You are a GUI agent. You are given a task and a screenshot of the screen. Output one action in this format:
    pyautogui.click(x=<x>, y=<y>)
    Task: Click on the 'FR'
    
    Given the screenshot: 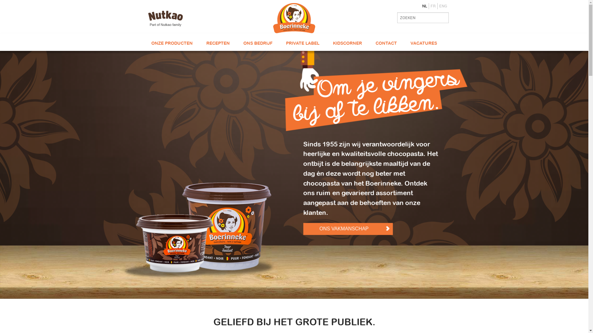 What is the action you would take?
    pyautogui.click(x=433, y=6)
    